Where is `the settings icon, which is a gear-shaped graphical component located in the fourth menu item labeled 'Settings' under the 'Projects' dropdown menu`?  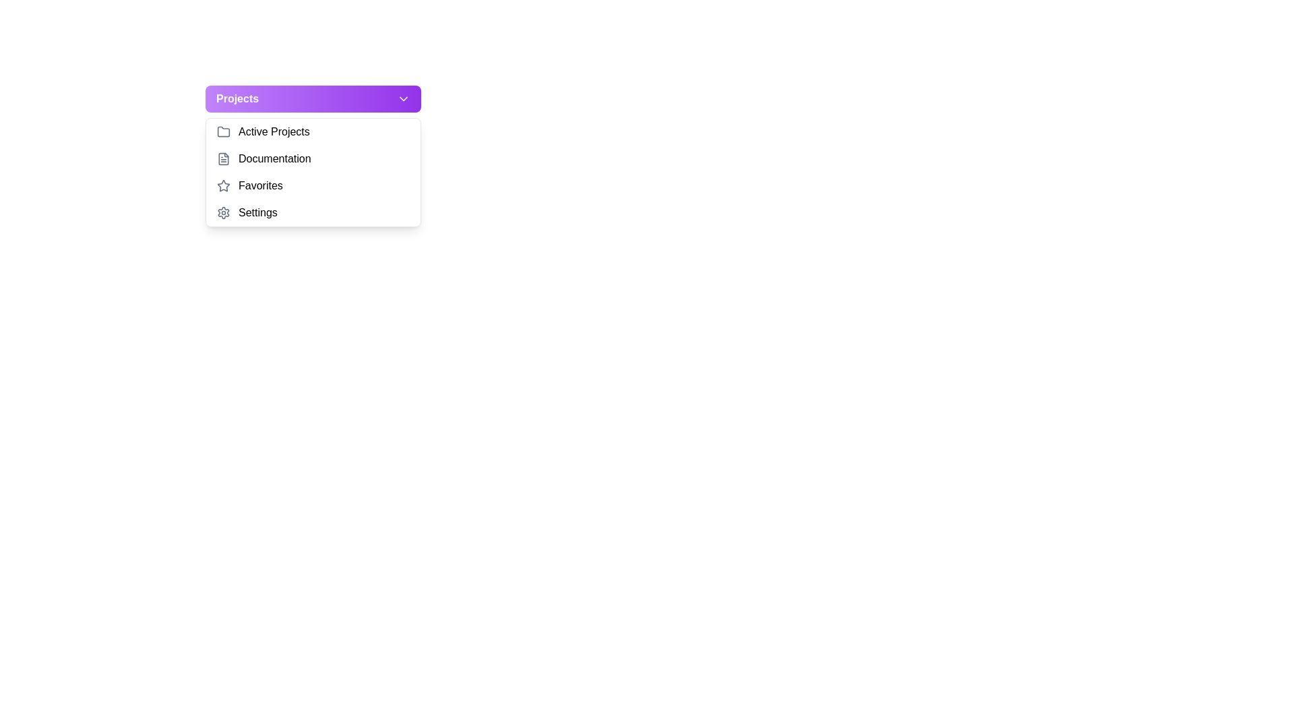 the settings icon, which is a gear-shaped graphical component located in the fourth menu item labeled 'Settings' under the 'Projects' dropdown menu is located at coordinates (223, 212).